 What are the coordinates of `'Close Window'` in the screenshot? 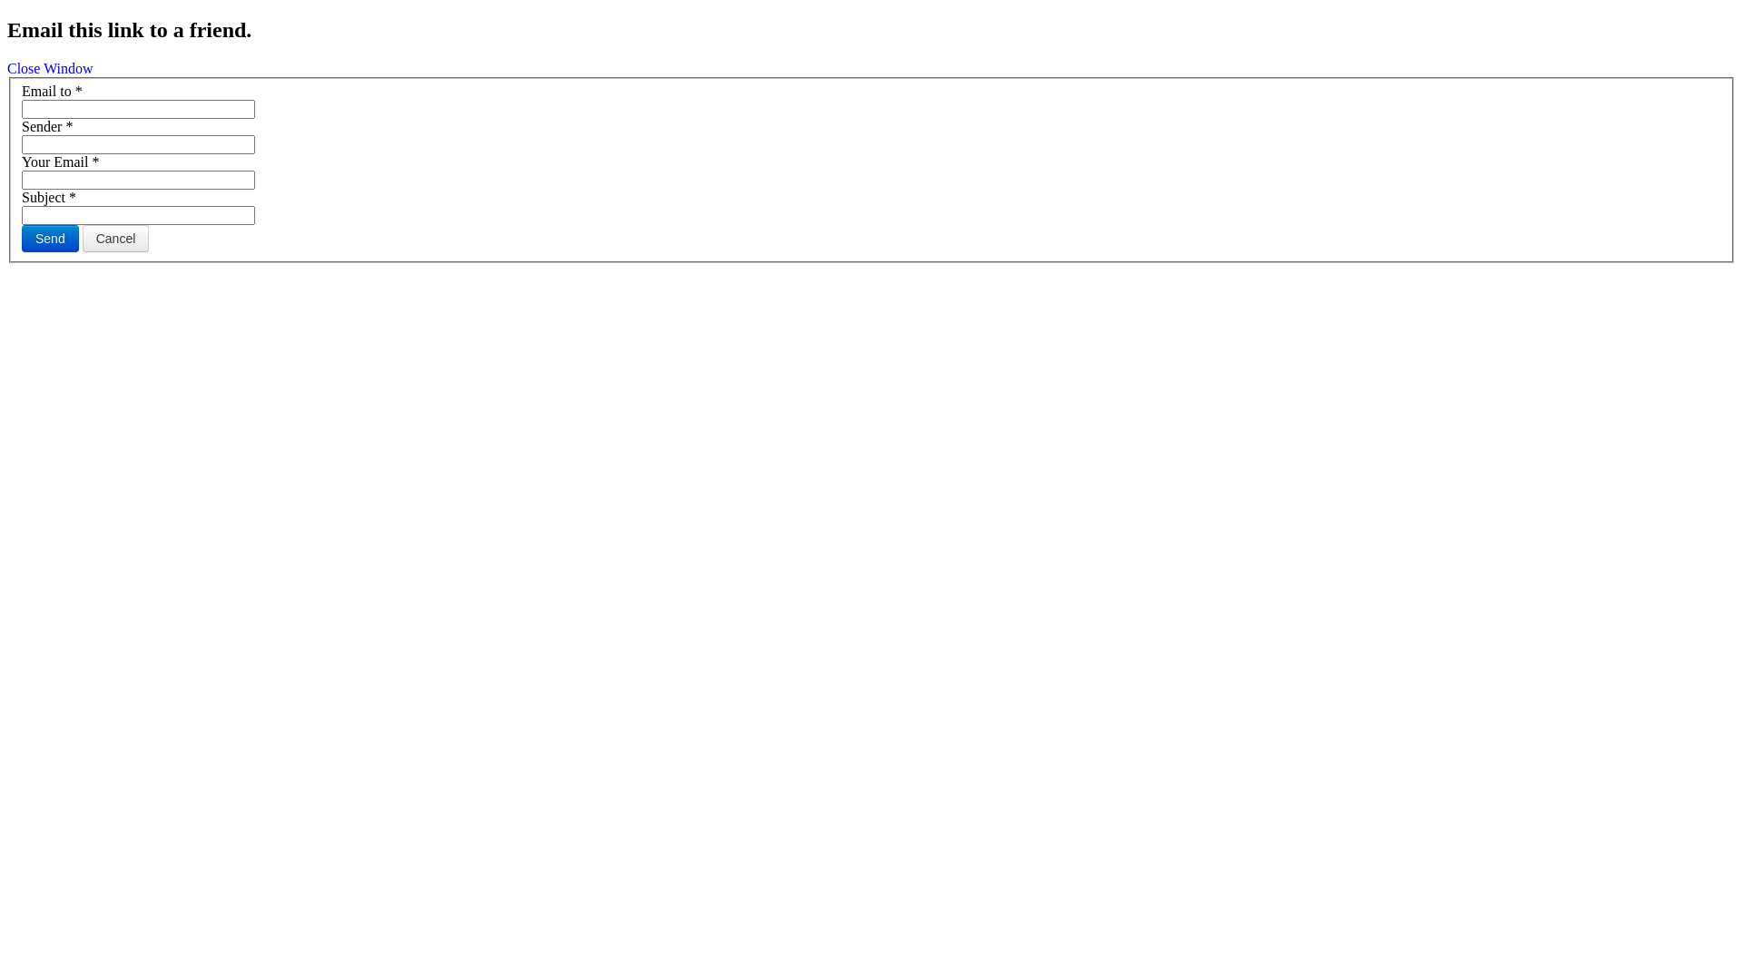 It's located at (50, 67).